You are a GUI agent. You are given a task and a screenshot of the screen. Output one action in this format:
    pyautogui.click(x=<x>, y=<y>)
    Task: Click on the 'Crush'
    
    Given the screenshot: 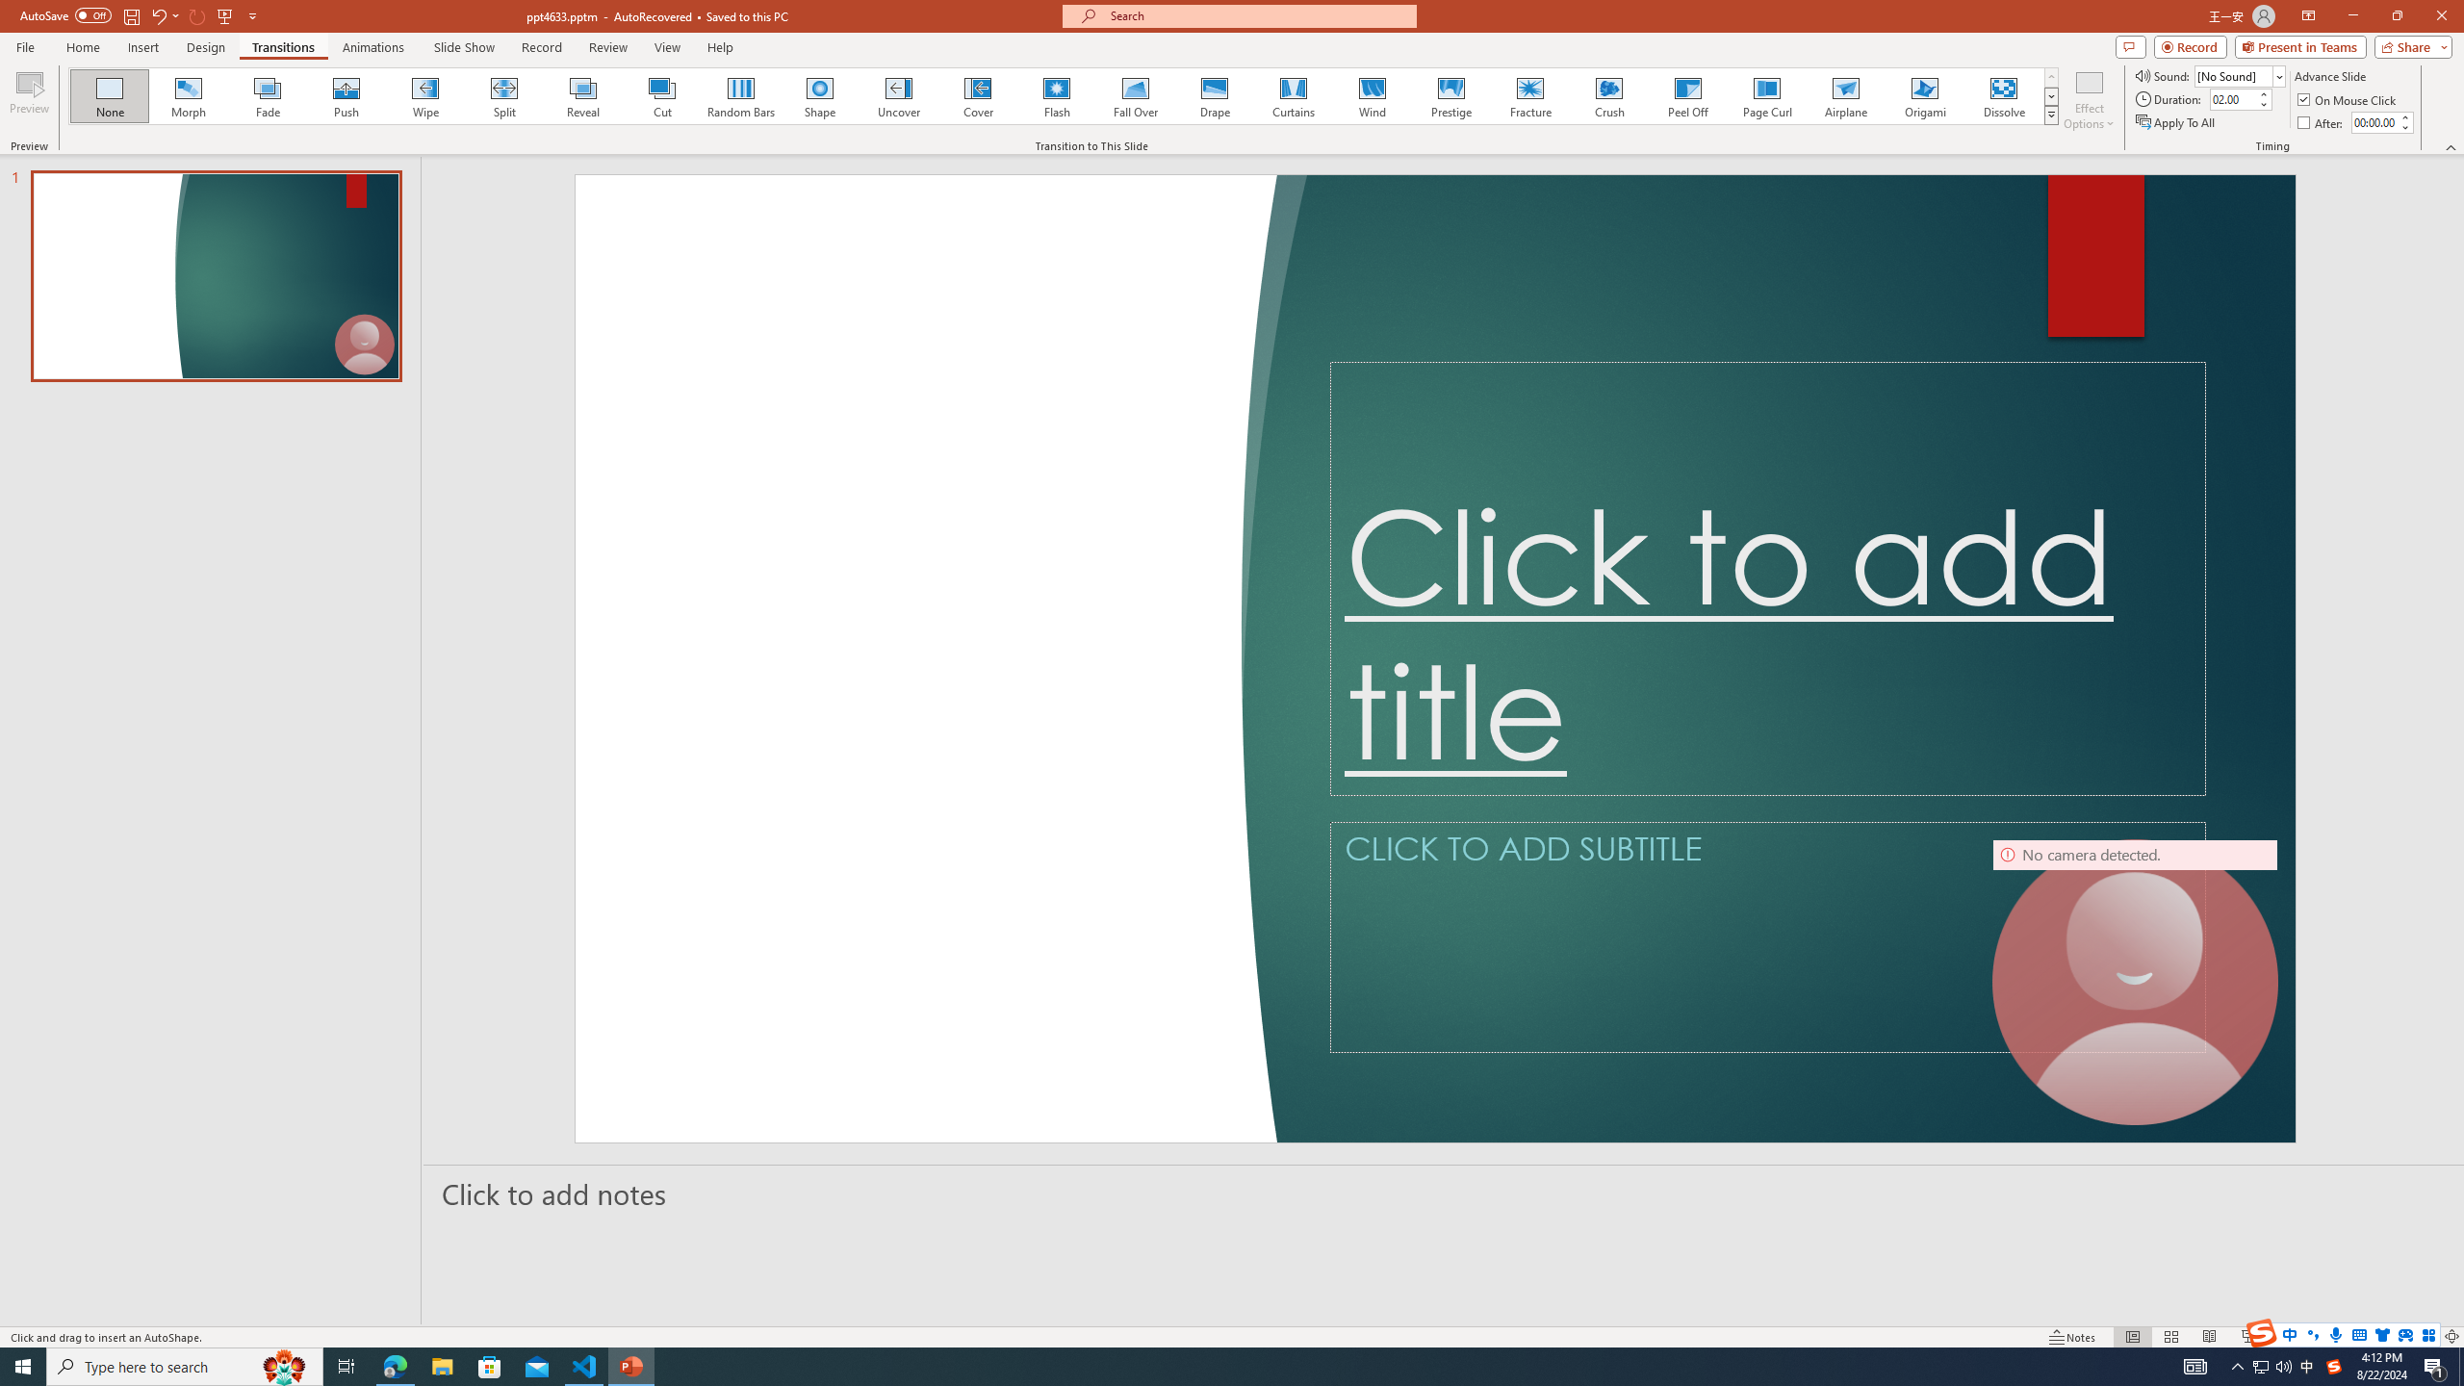 What is the action you would take?
    pyautogui.click(x=1608, y=95)
    